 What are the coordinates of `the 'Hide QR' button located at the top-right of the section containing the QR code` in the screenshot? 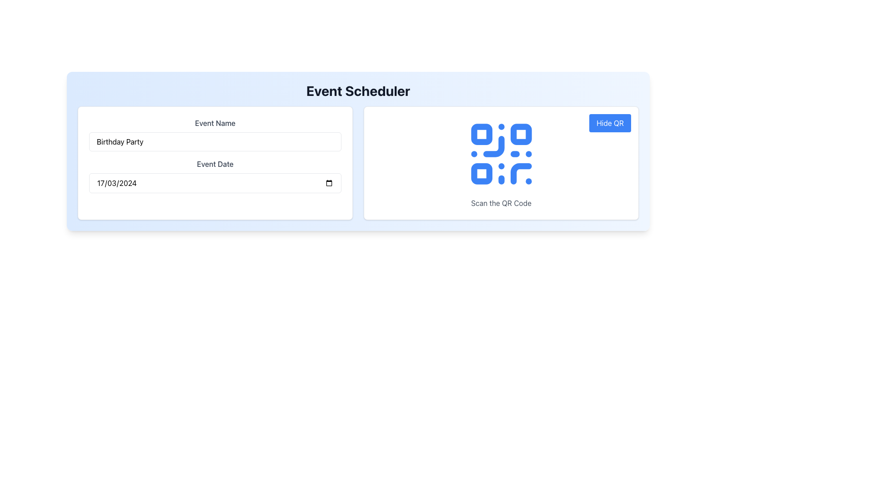 It's located at (610, 123).